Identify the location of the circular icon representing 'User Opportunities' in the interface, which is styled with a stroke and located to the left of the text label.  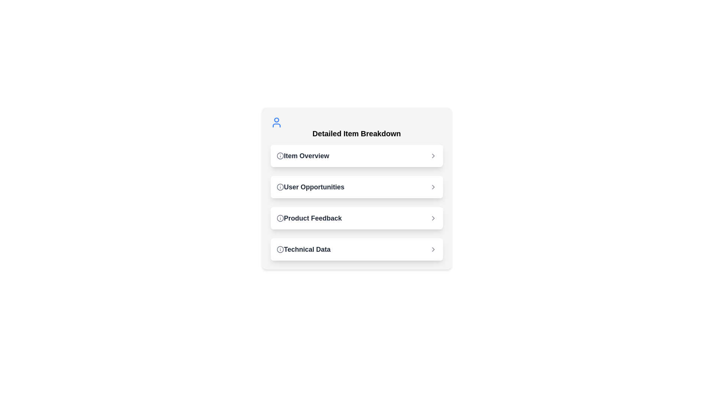
(280, 187).